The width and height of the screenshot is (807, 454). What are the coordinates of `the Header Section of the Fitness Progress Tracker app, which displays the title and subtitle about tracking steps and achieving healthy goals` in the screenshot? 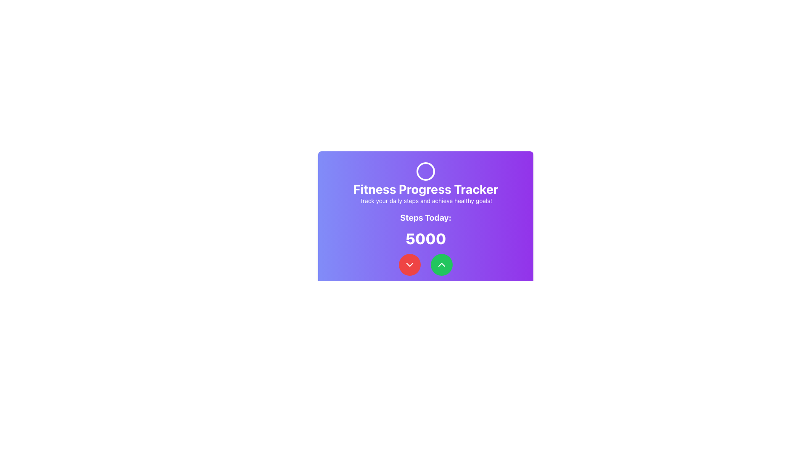 It's located at (425, 182).